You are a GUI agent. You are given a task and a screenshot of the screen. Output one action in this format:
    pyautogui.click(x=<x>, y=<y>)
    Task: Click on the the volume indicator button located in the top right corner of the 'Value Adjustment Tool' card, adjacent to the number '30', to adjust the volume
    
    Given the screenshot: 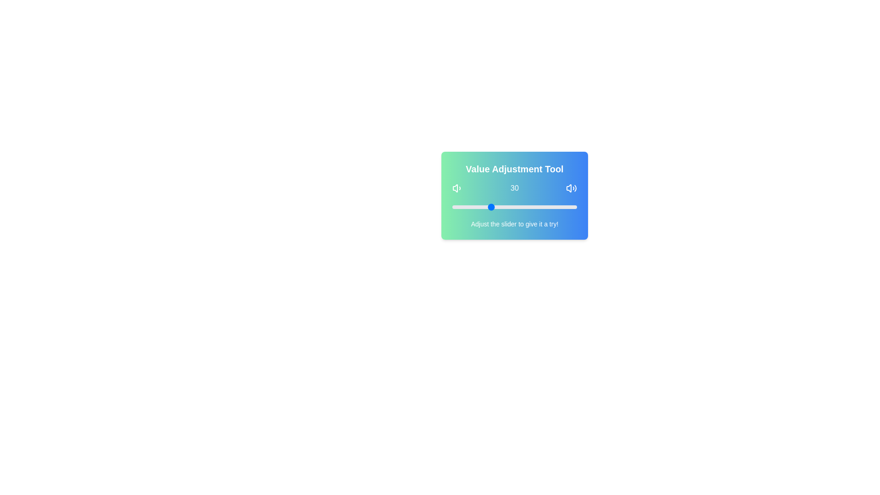 What is the action you would take?
    pyautogui.click(x=571, y=188)
    